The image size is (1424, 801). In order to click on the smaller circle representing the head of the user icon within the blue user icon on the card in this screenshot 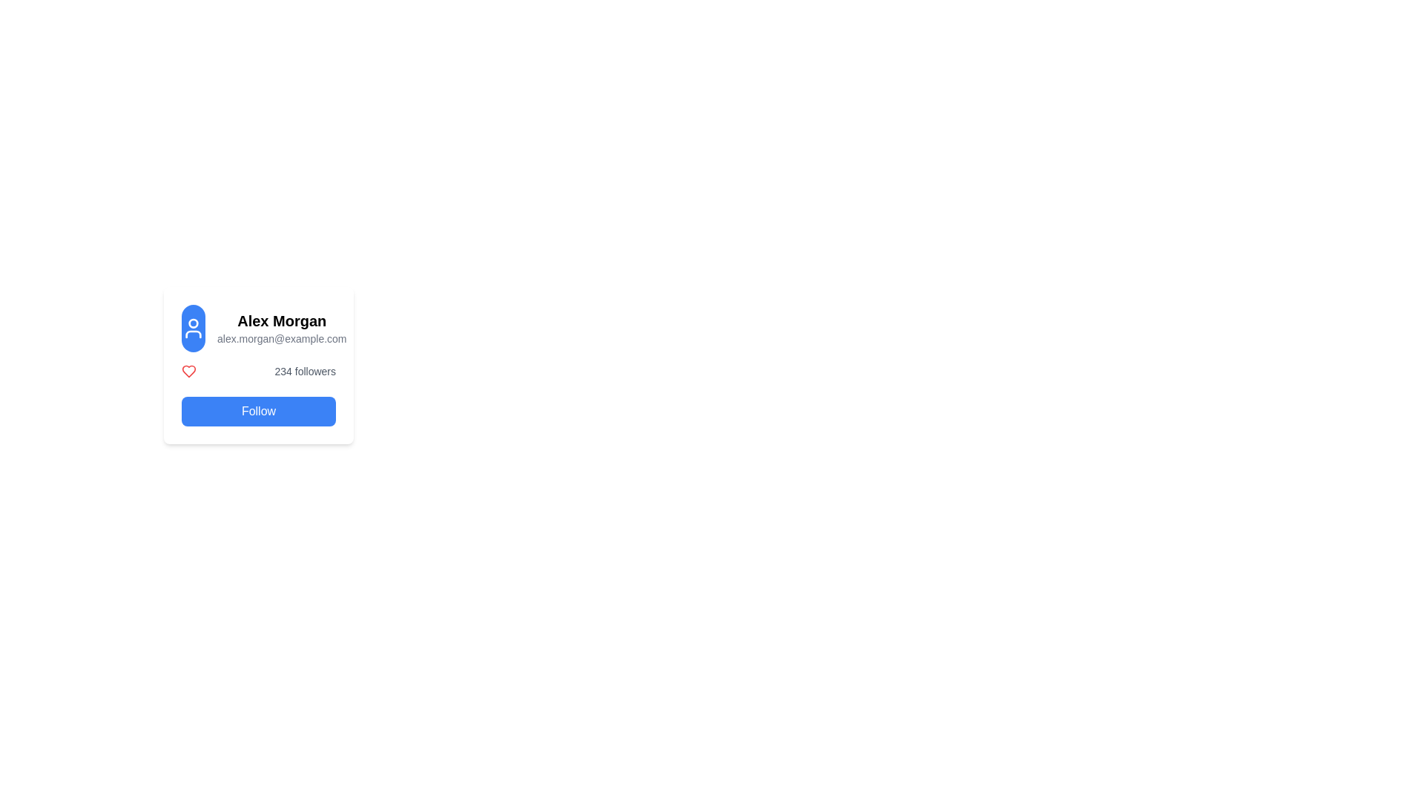, I will do `click(192, 323)`.